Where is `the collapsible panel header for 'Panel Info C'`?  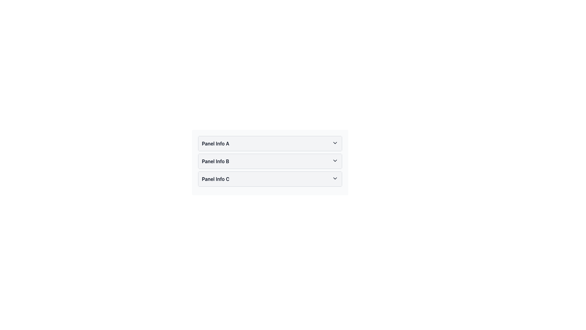 the collapsible panel header for 'Panel Info C' is located at coordinates (269, 179).